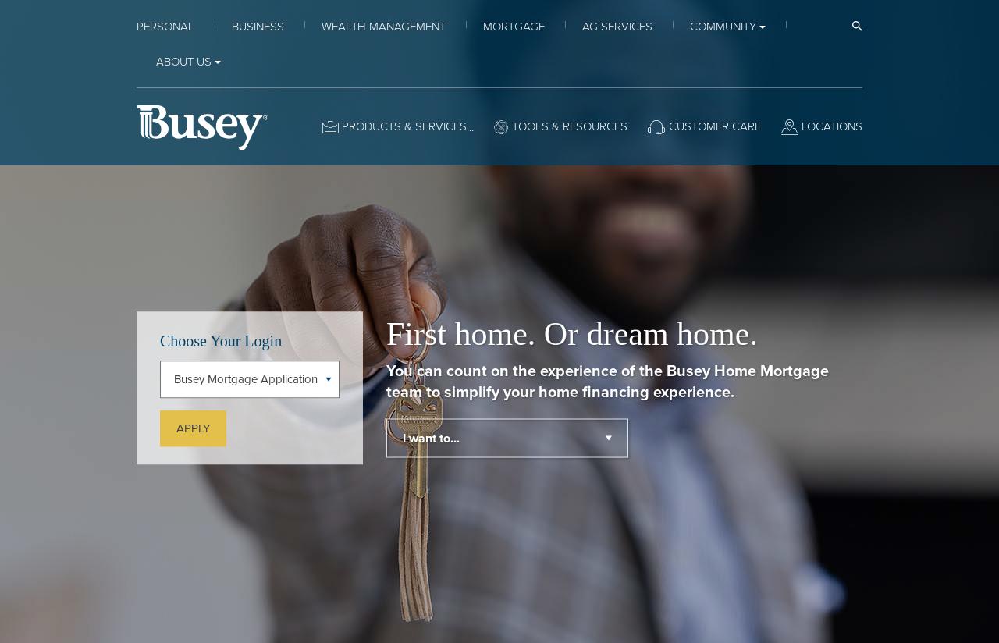 This screenshot has width=999, height=643. Describe the element at coordinates (606, 380) in the screenshot. I see `'You can count on the experience of the Busey Home Mortgage team to simplify your home financing experience.'` at that location.